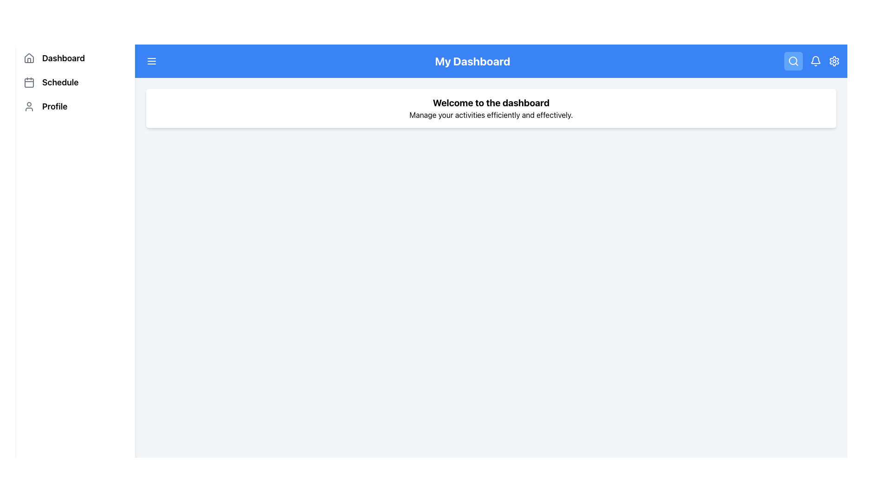 The image size is (891, 501). Describe the element at coordinates (834, 61) in the screenshot. I see `the gear-shaped icon located in the top right corner of the interface` at that location.